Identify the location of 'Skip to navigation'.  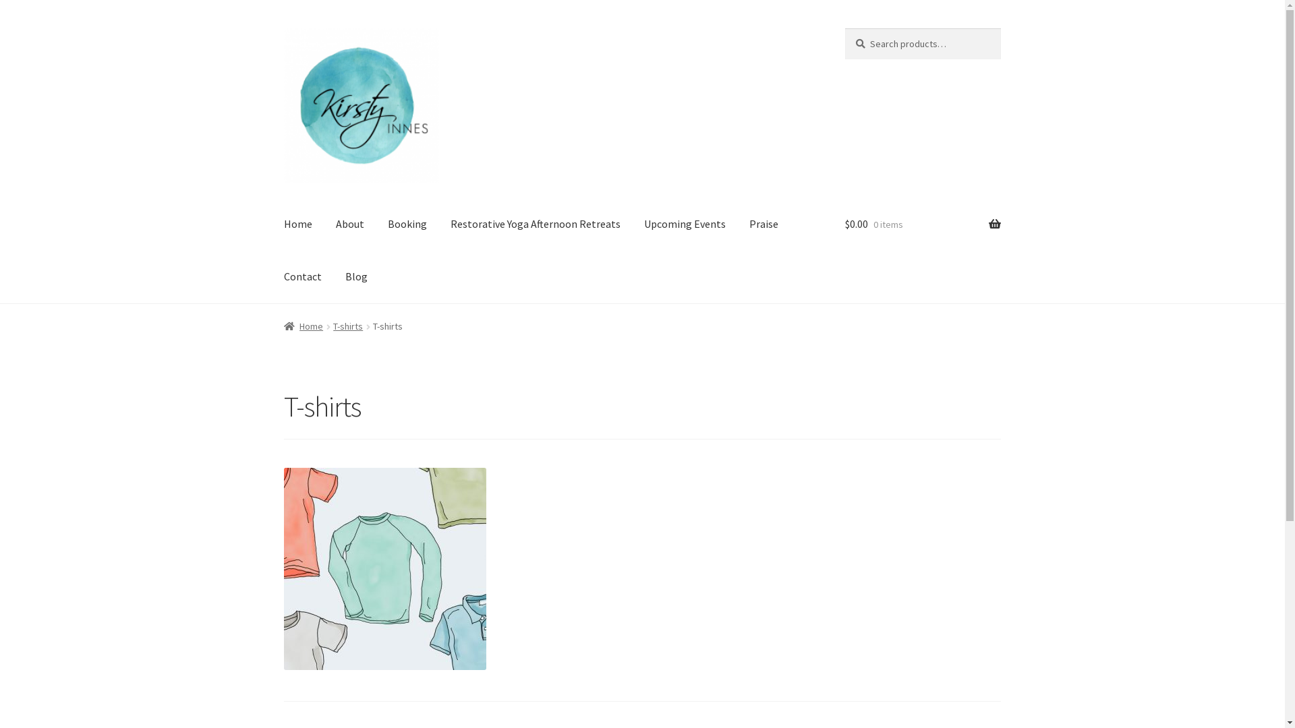
(283, 28).